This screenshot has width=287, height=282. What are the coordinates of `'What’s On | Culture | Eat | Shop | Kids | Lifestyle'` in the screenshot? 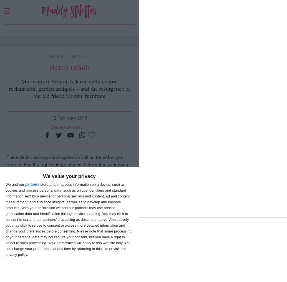 It's located at (69, 261).